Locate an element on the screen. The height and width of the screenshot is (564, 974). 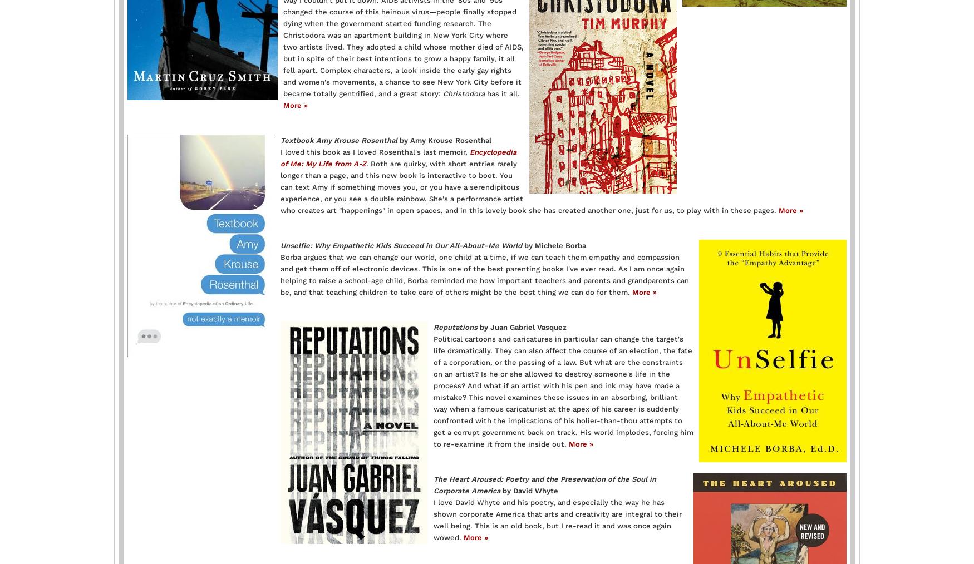
'Unselfie: Why Empathetic Kids Succeed in Our All-About-Me World' is located at coordinates (402, 245).